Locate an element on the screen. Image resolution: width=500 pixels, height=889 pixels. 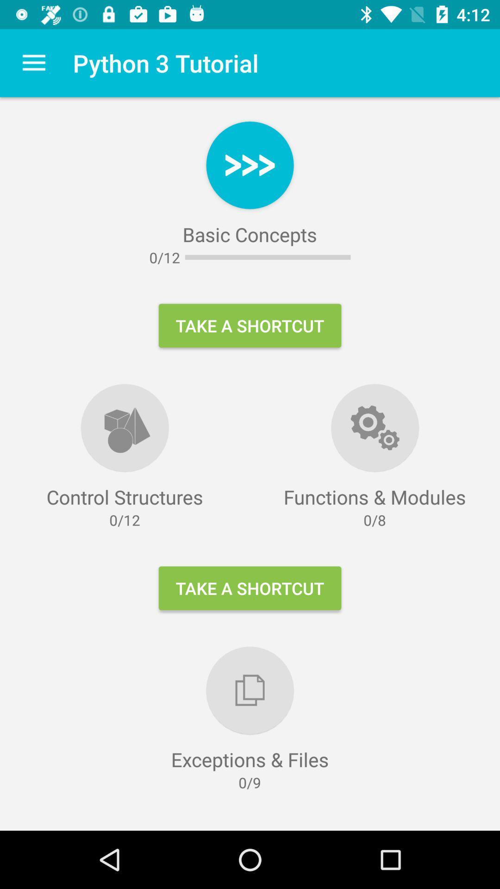
the forward symbol option above basic concepts is located at coordinates (250, 165).